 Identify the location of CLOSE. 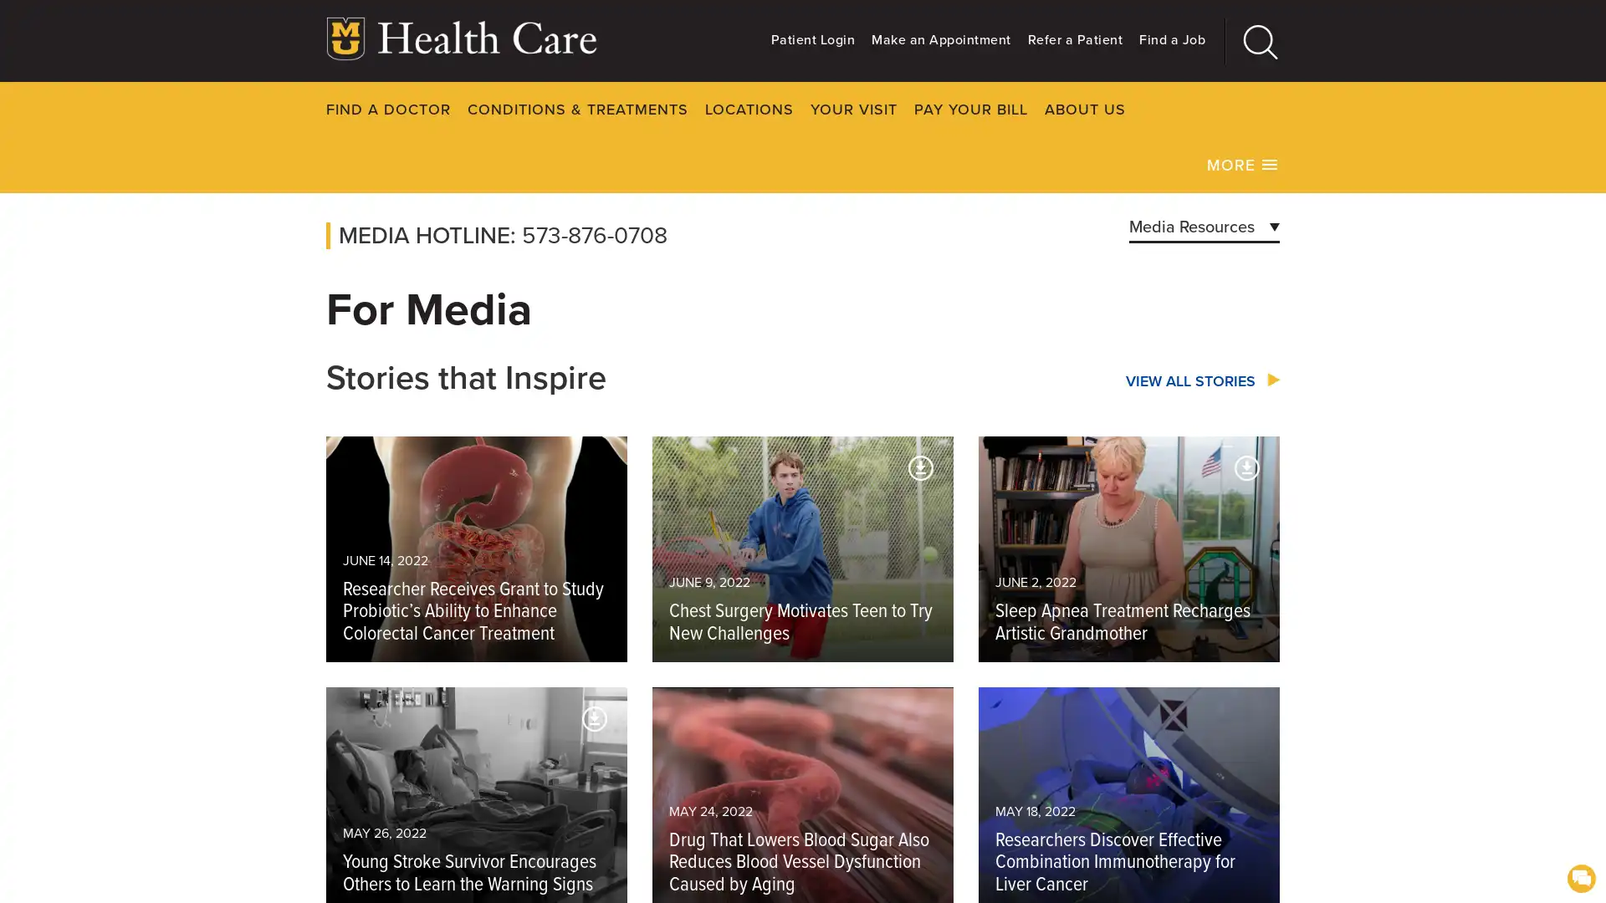
(1329, 109).